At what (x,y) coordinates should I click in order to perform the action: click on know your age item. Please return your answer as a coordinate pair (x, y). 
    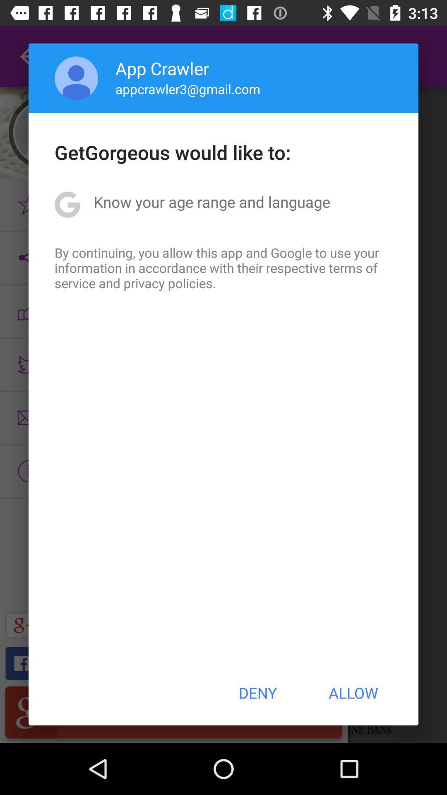
    Looking at the image, I should click on (211, 202).